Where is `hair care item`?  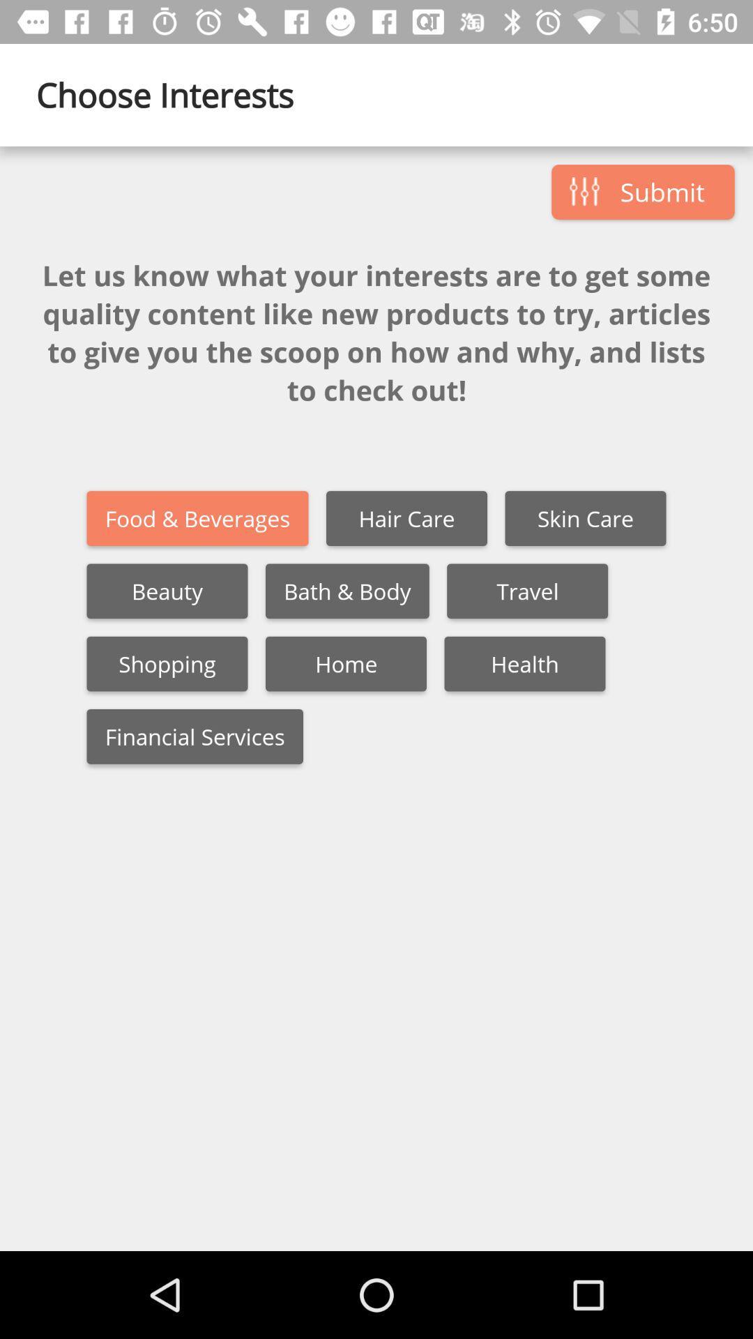 hair care item is located at coordinates (406, 517).